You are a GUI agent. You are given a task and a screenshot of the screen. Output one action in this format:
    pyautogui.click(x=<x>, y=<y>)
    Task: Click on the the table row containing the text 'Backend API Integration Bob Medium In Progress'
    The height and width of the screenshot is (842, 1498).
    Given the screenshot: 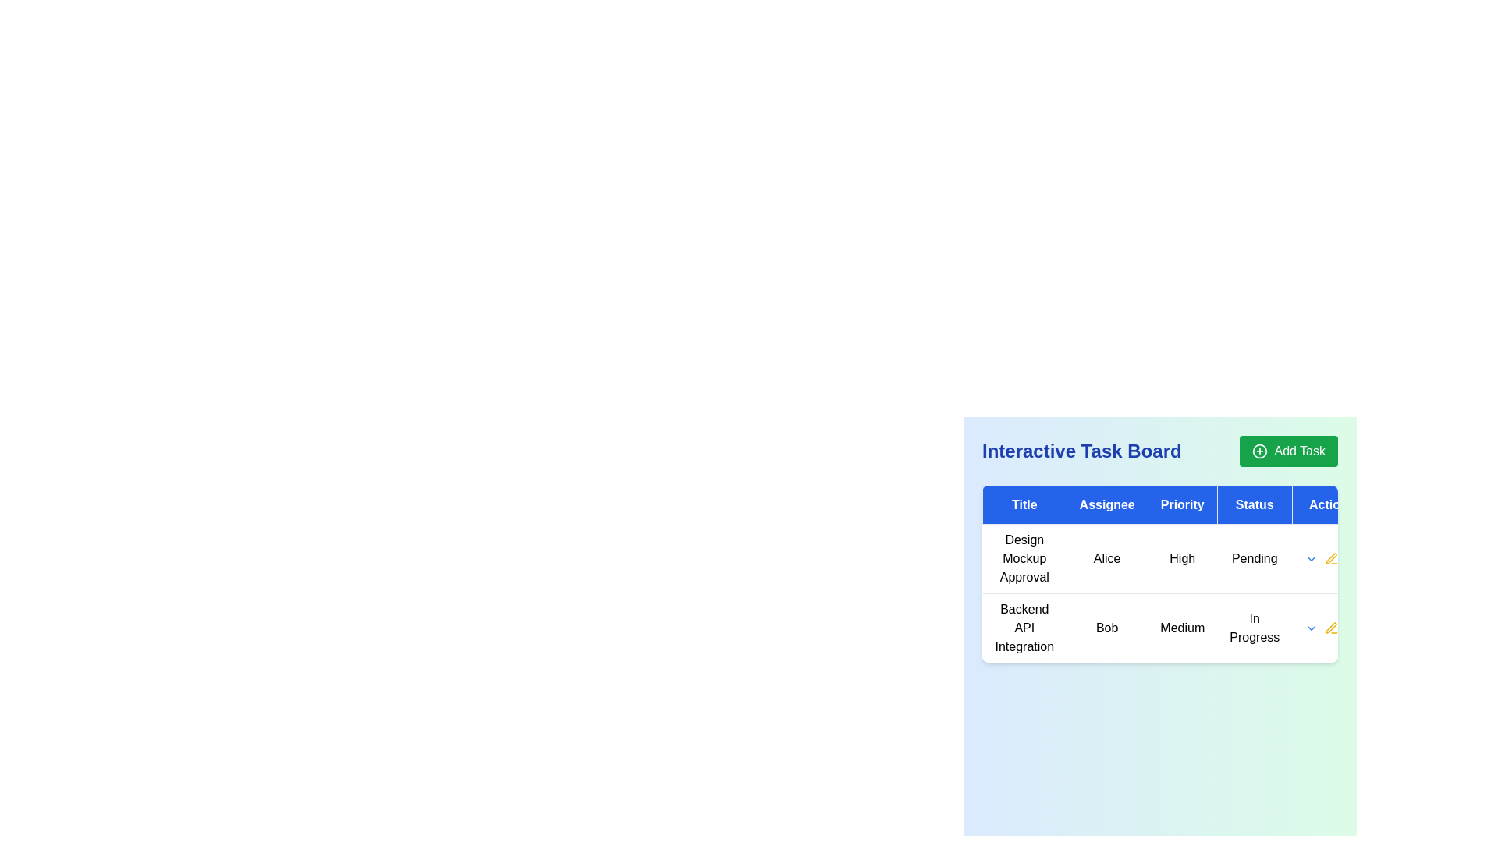 What is the action you would take?
    pyautogui.click(x=1177, y=627)
    